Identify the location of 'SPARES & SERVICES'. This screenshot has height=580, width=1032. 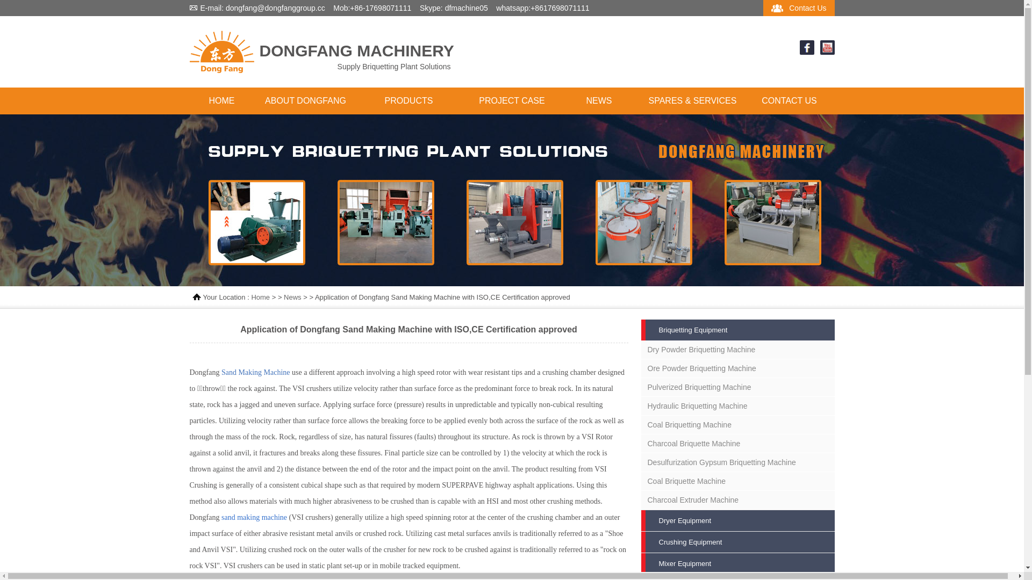
(692, 101).